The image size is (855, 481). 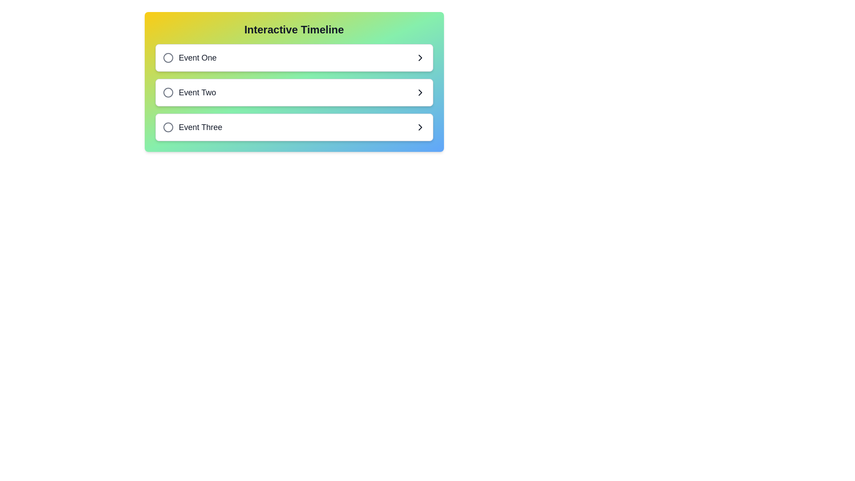 What do you see at coordinates (419, 93) in the screenshot?
I see `the rightward-facing chevron icon (>) located at the far-right end of the 'Event Two' list item` at bounding box center [419, 93].